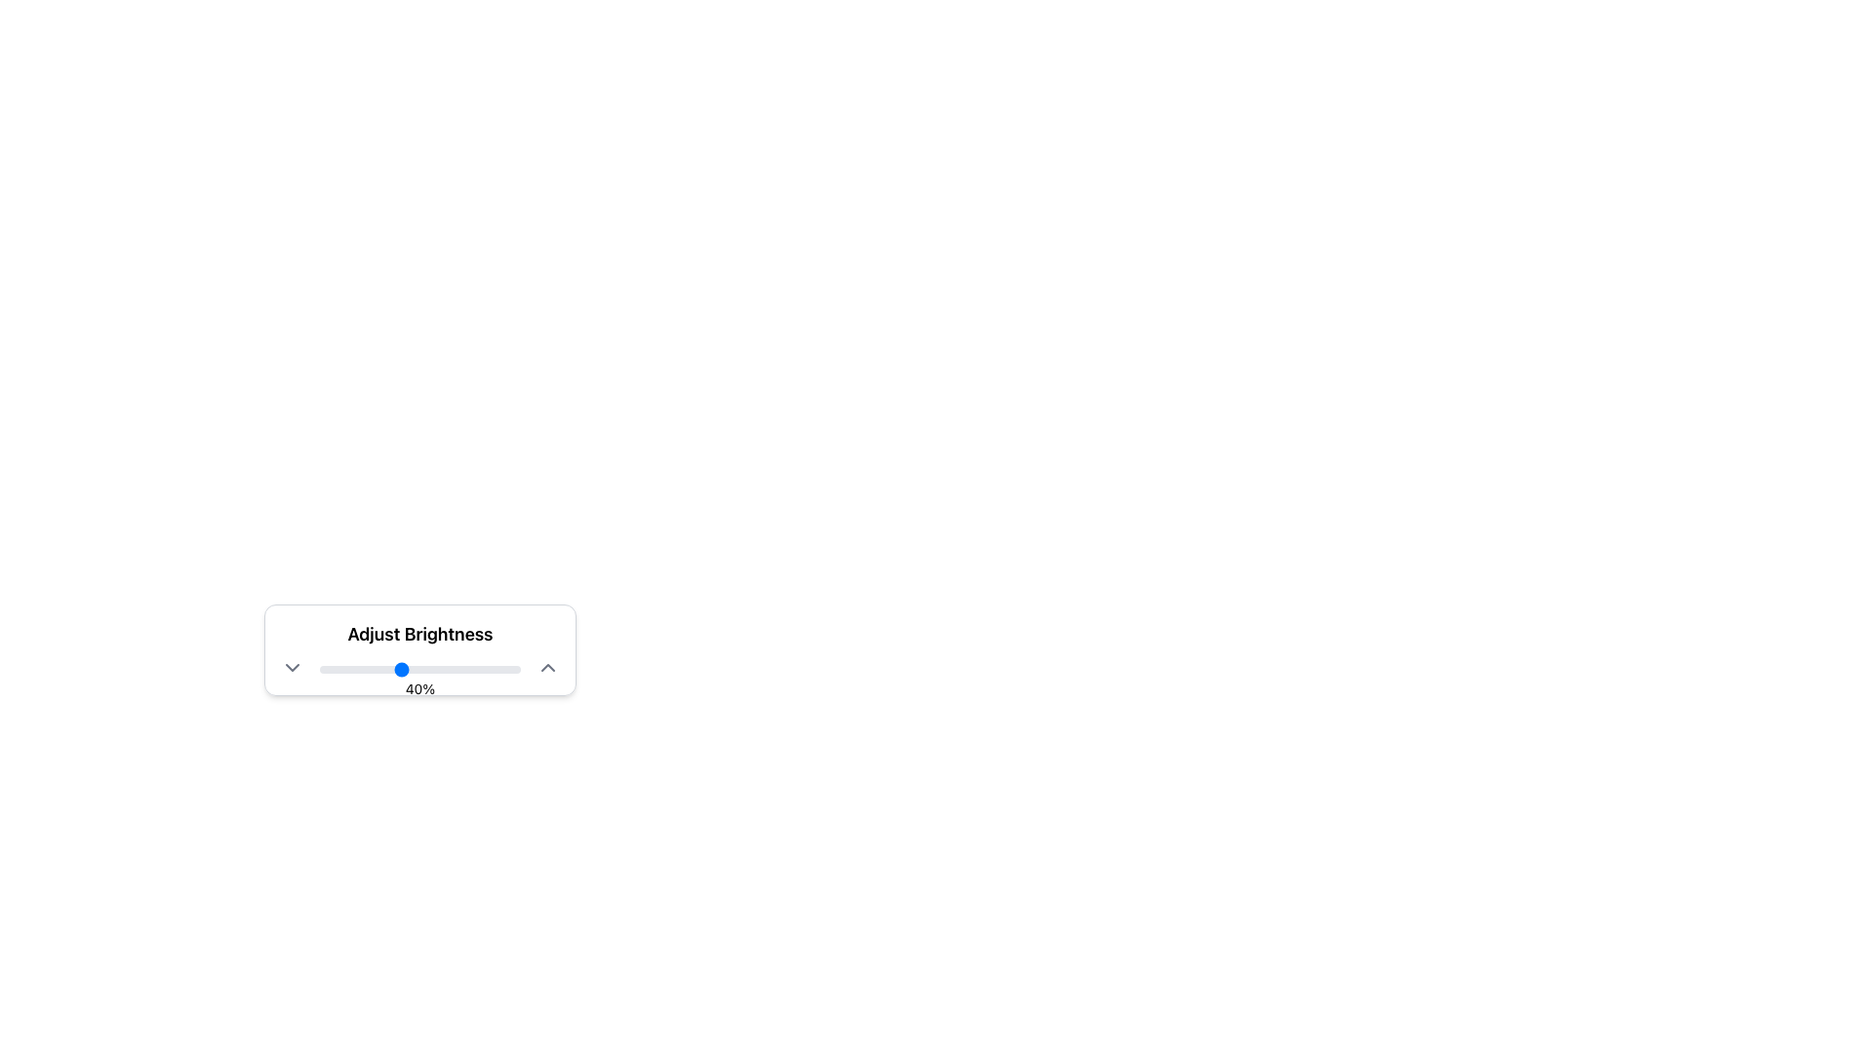 Image resolution: width=1873 pixels, height=1053 pixels. What do you see at coordinates (343, 668) in the screenshot?
I see `the brightness` at bounding box center [343, 668].